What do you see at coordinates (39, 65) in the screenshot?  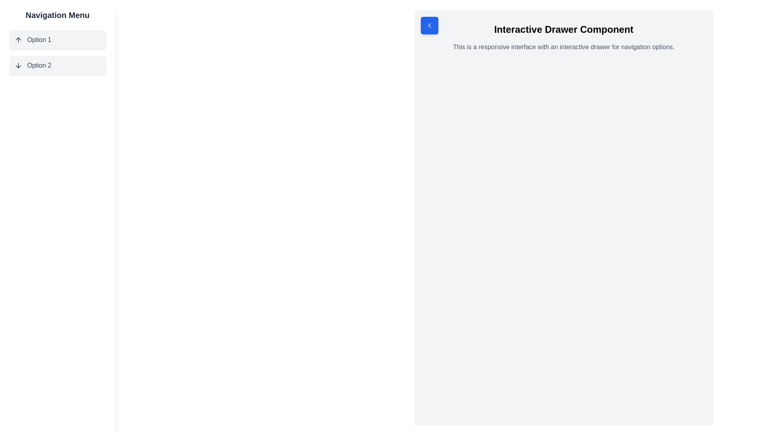 I see `the descriptive label indicating the second option in the navigation menu, which is centrally aligned below 'Option 1'` at bounding box center [39, 65].